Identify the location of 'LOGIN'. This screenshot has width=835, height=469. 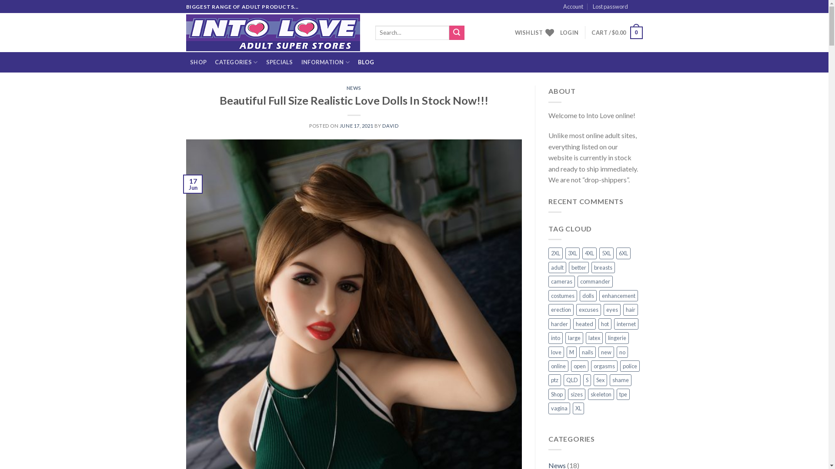
(569, 32).